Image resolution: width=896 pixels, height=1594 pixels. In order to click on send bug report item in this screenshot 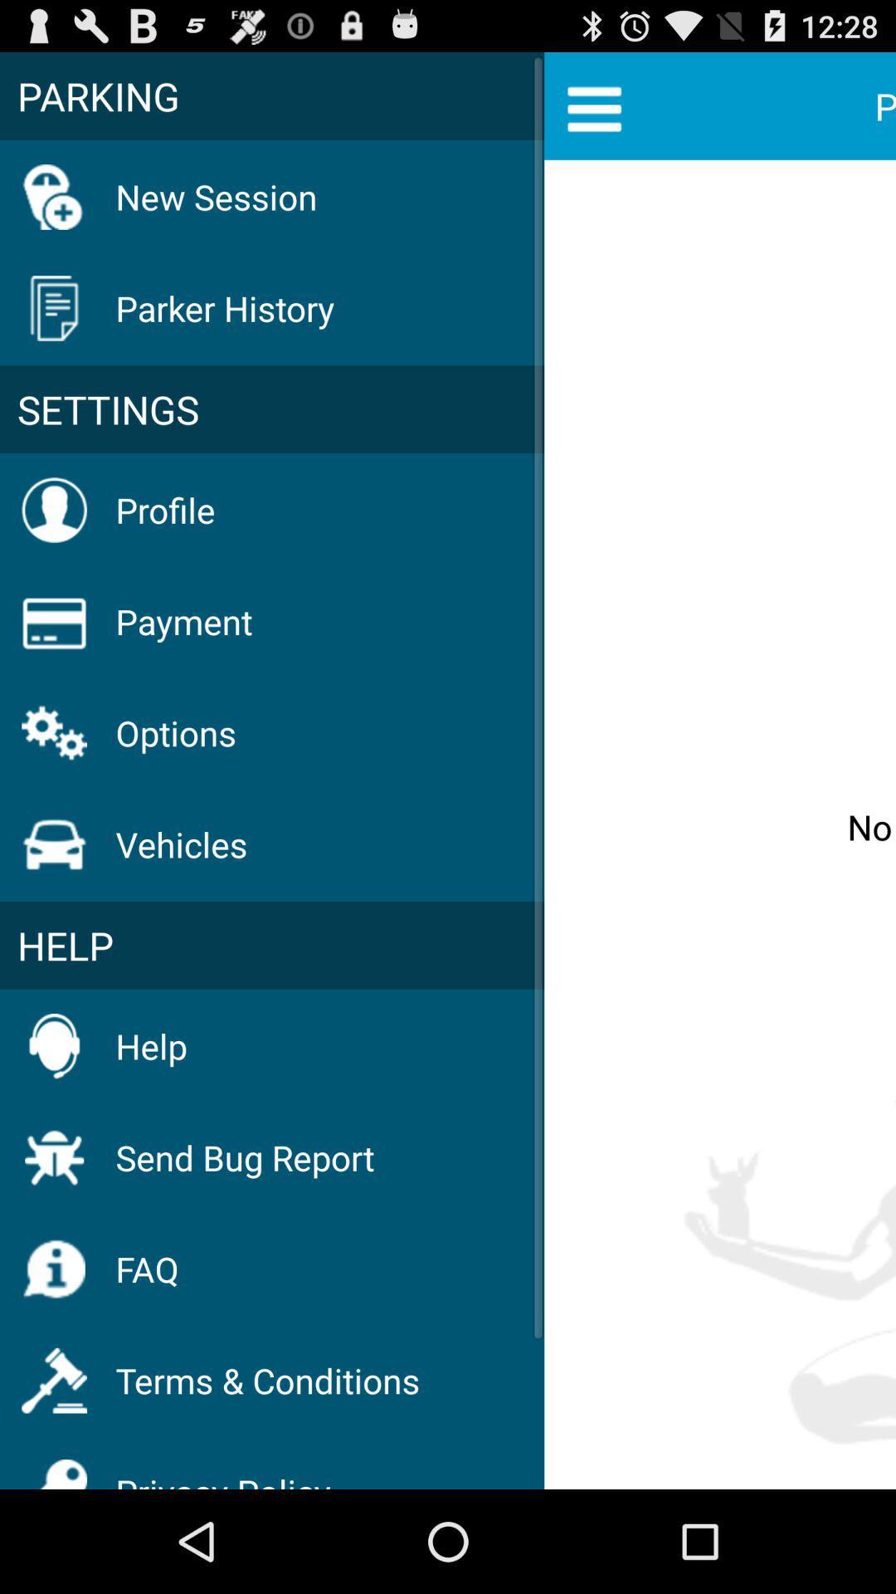, I will do `click(245, 1156)`.